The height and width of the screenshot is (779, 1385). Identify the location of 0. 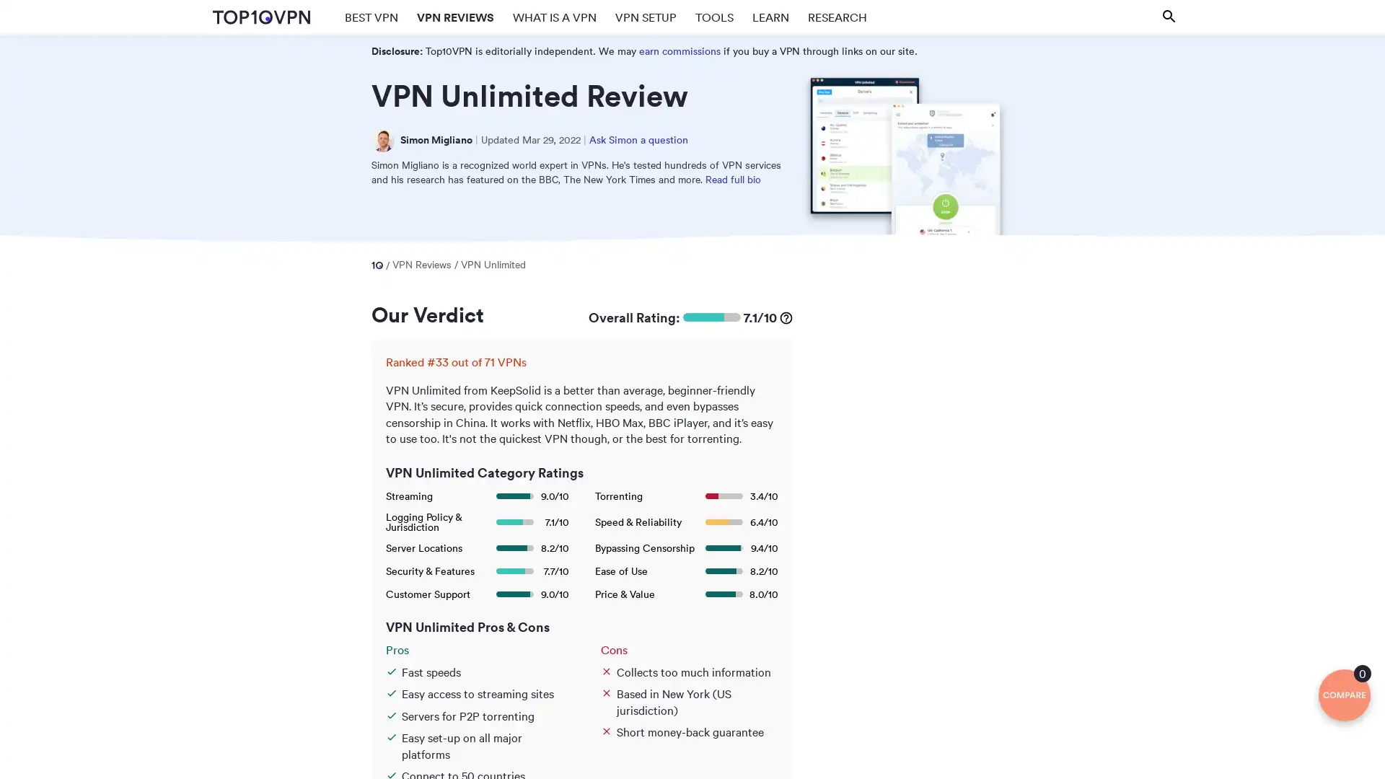
(1343, 695).